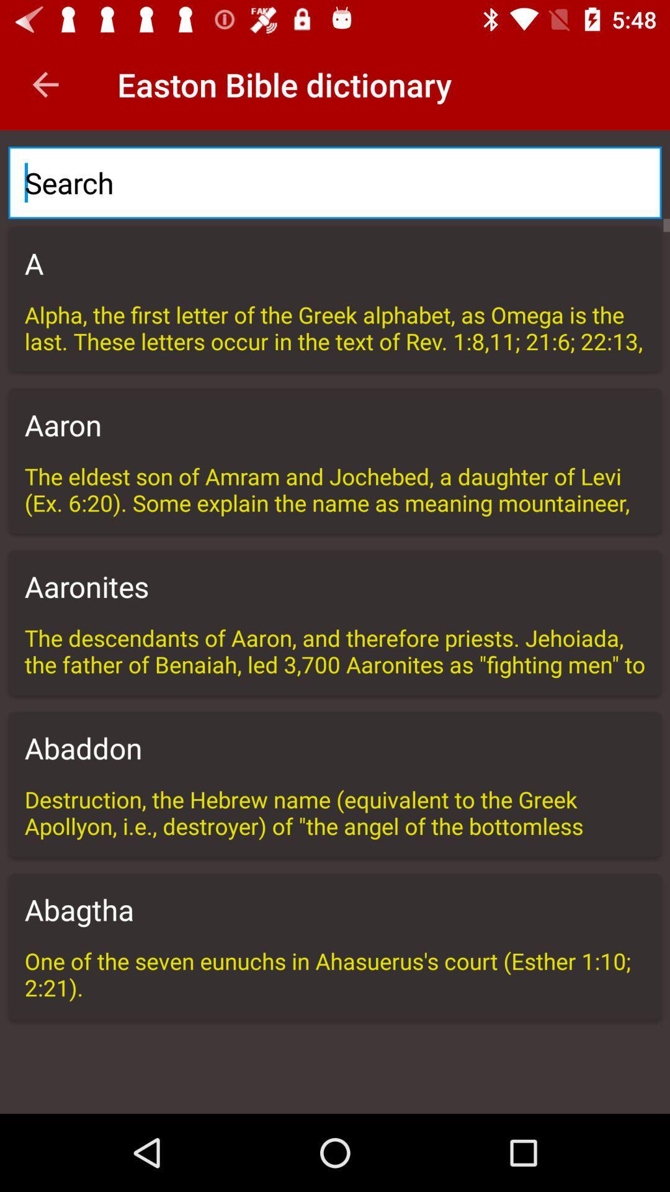 Image resolution: width=670 pixels, height=1192 pixels. Describe the element at coordinates (335, 747) in the screenshot. I see `the abaddon` at that location.